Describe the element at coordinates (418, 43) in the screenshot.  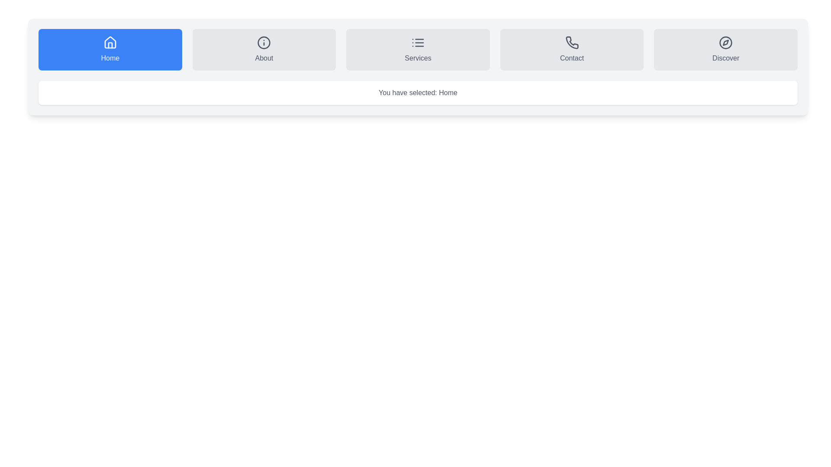
I see `the 'Services' button in the navigation menu, which contains the icon representing the 'Services' category` at that location.